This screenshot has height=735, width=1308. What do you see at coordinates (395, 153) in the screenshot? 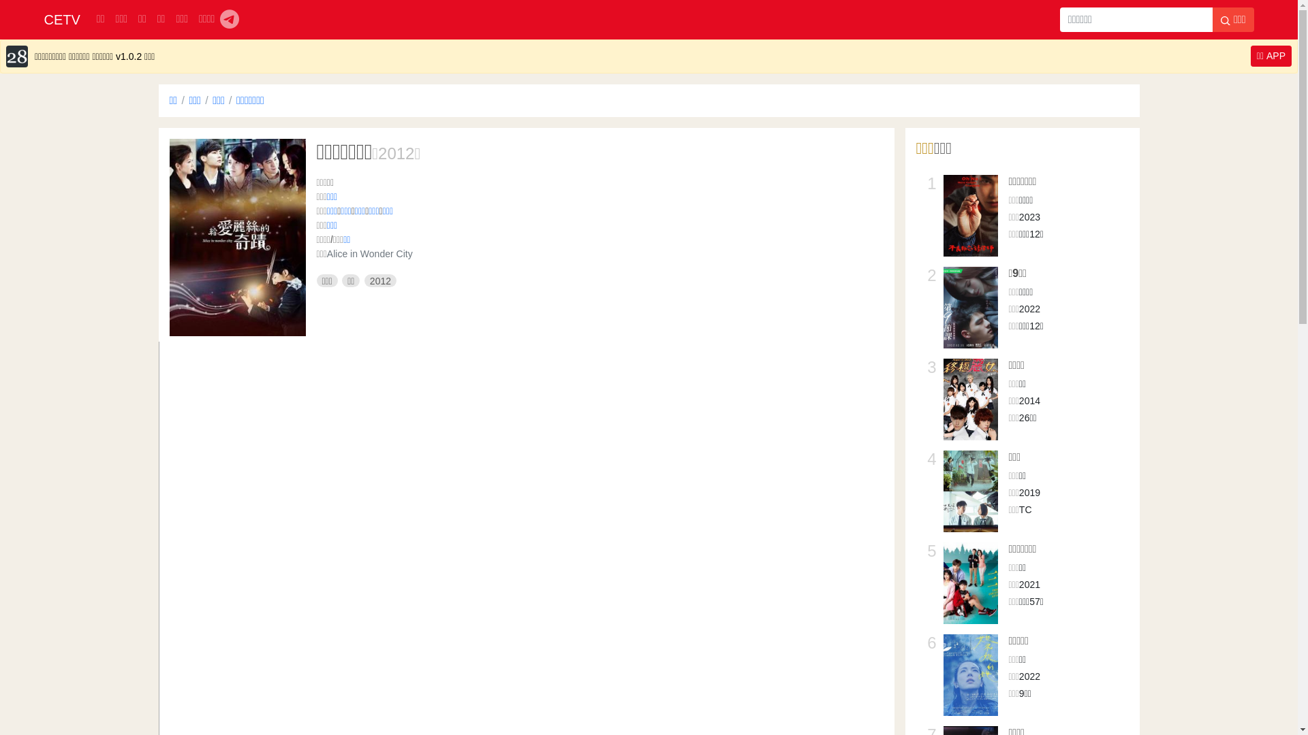
I see `'2012'` at bounding box center [395, 153].